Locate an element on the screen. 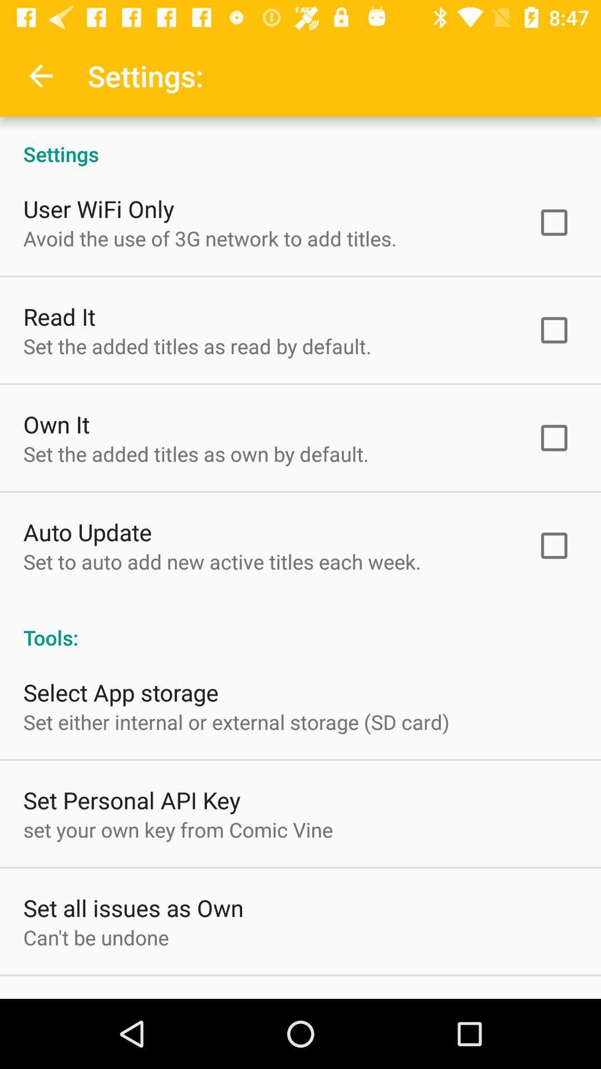 The height and width of the screenshot is (1069, 601). read it item is located at coordinates (59, 316).